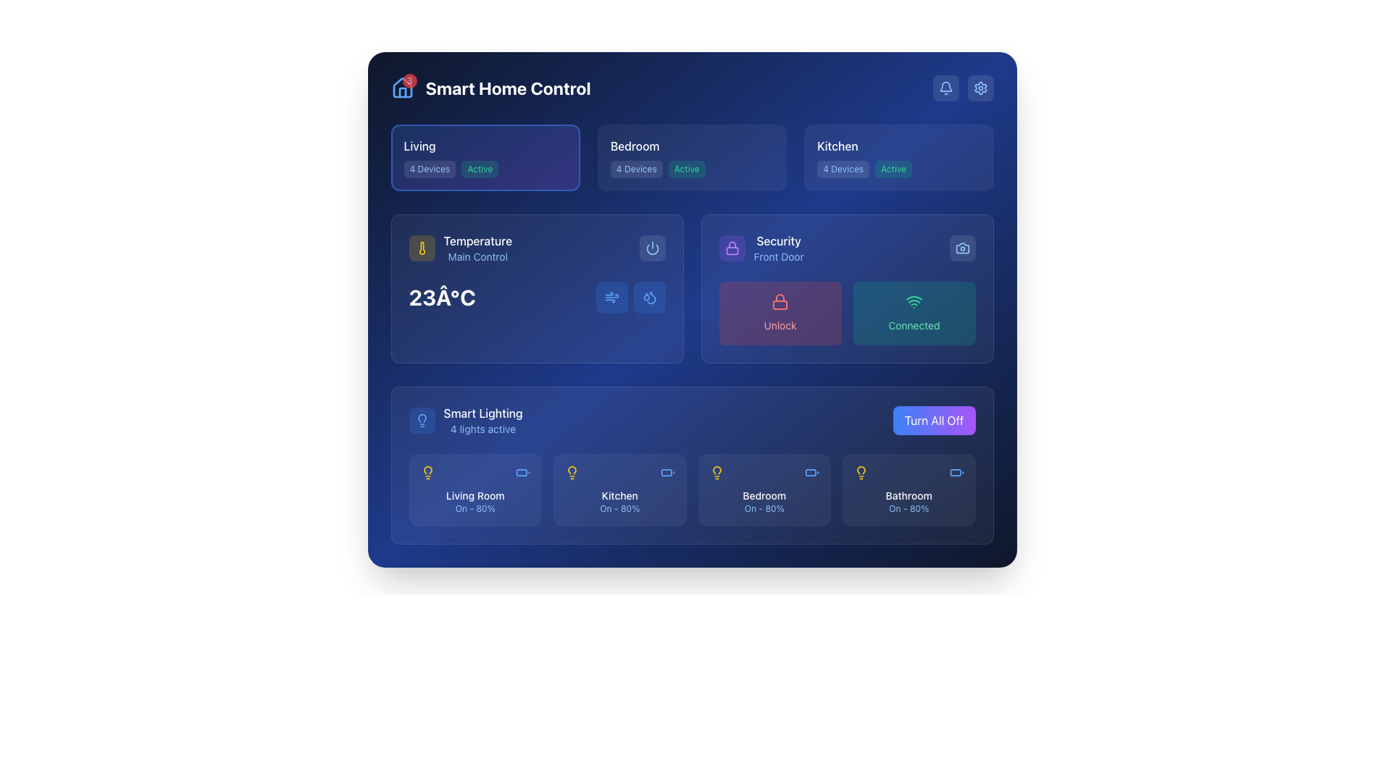 The width and height of the screenshot is (1391, 782). I want to click on the 'Turn All Off' button in the Smart Lighting Composite element, so click(691, 421).